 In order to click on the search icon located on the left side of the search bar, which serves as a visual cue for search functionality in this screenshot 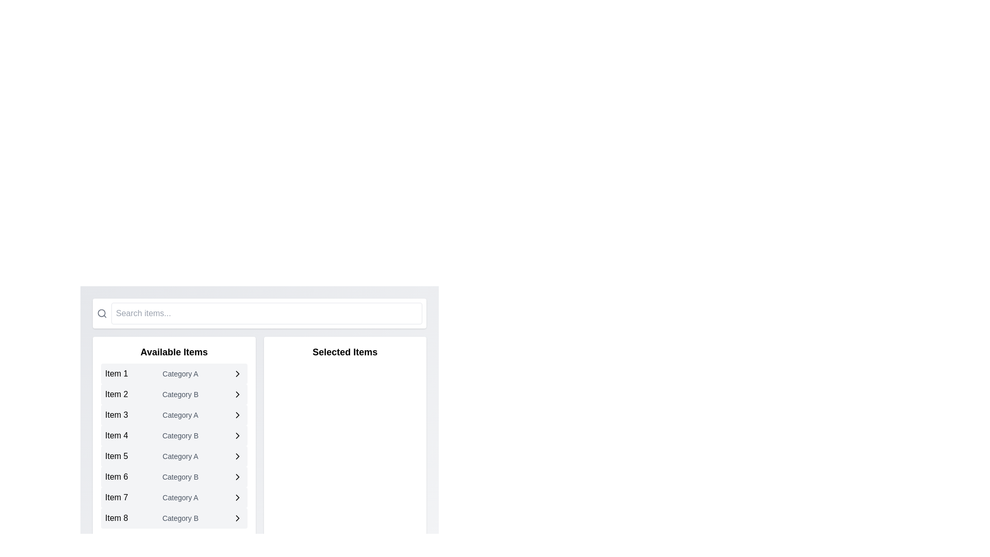, I will do `click(102, 313)`.